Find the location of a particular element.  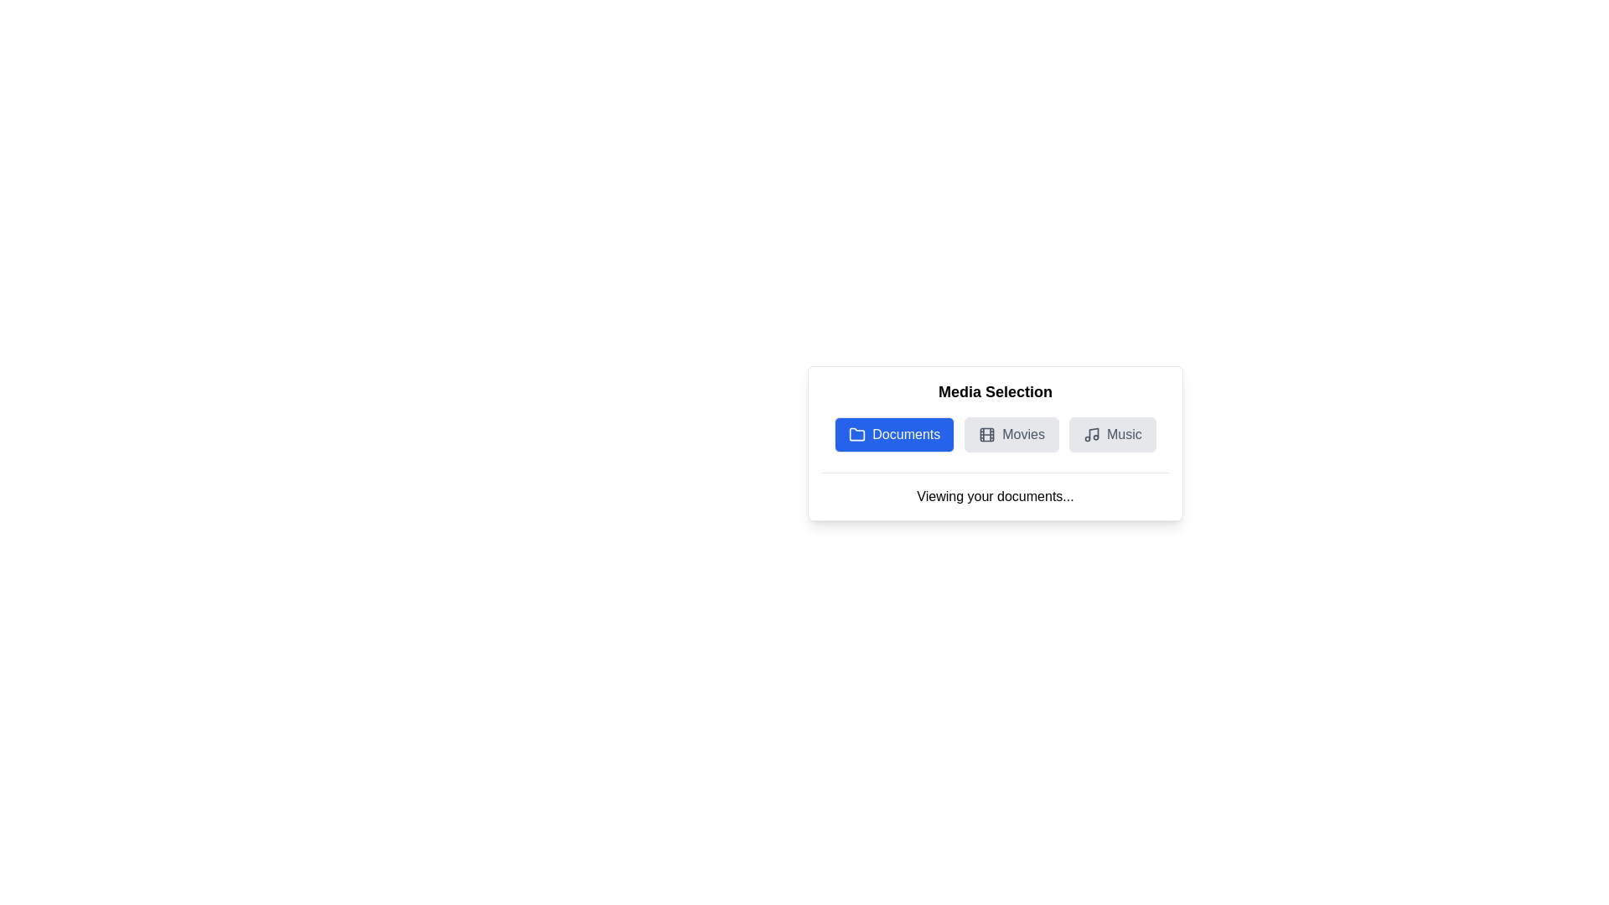

the SVG rectangle that serves as the background base for an icon, located at the top-left corner of the icon's group in the media selection interface is located at coordinates (987, 434).